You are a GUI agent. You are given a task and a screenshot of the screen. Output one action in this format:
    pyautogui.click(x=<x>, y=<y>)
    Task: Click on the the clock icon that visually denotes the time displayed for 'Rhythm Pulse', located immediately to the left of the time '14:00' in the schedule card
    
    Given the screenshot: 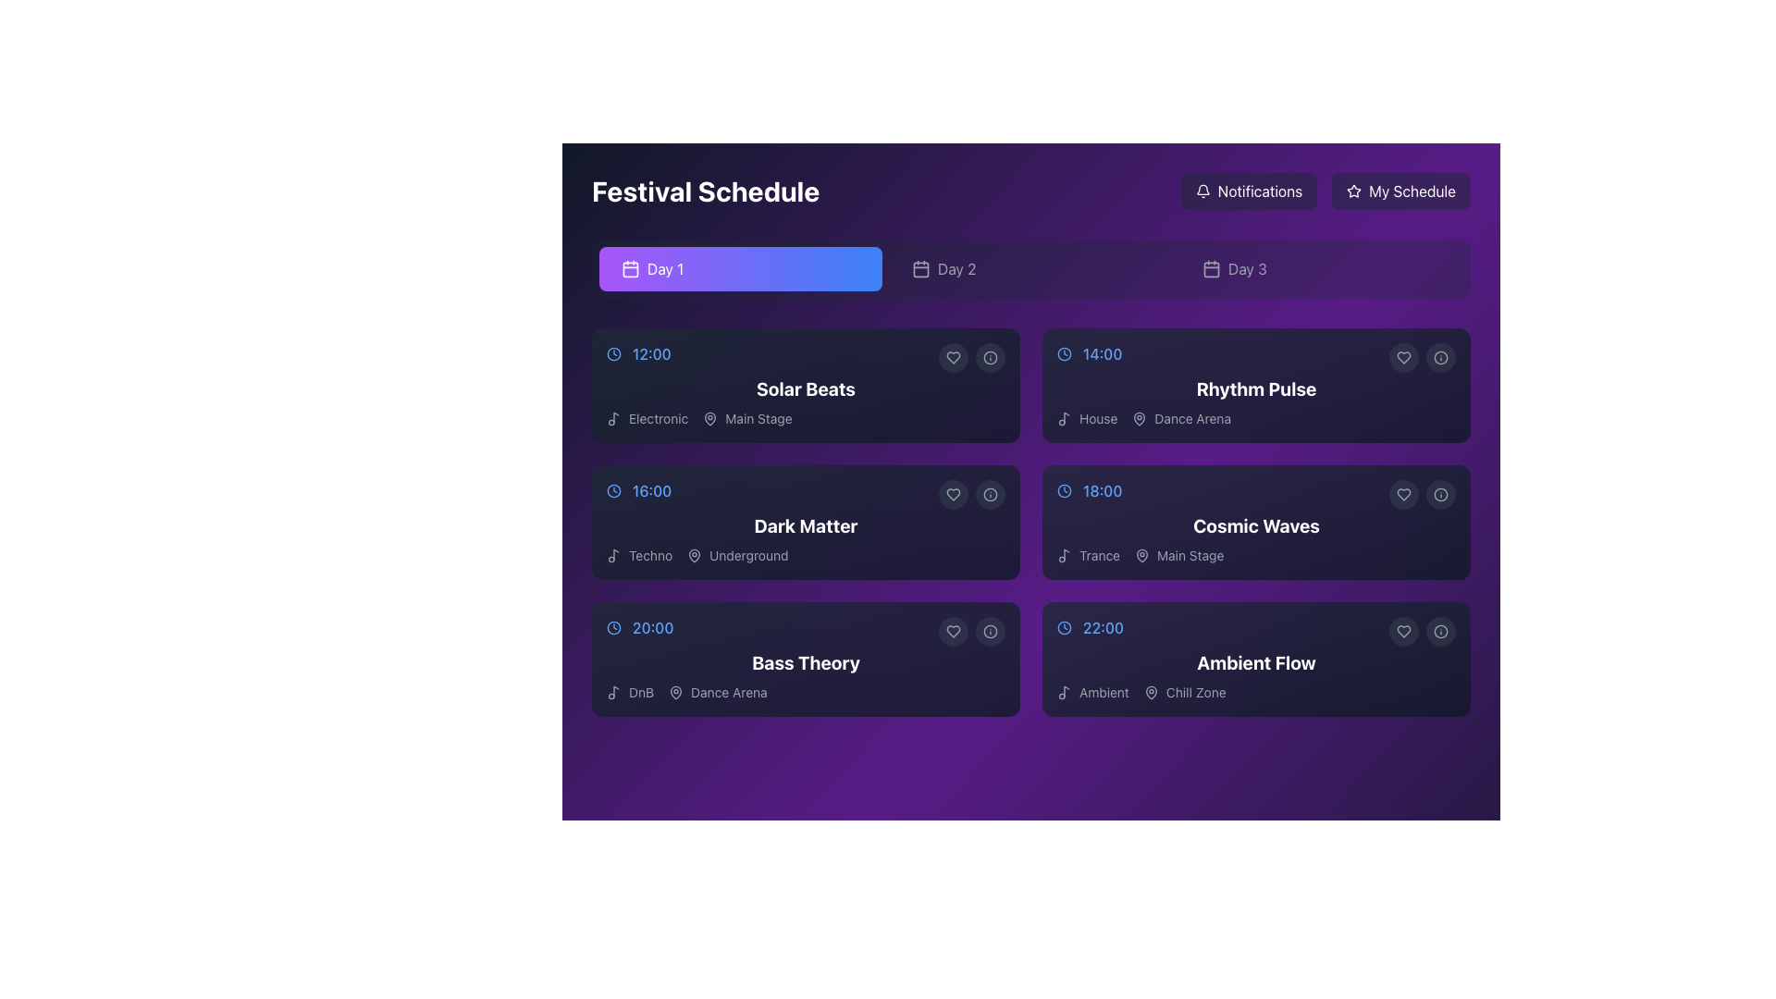 What is the action you would take?
    pyautogui.click(x=1065, y=353)
    